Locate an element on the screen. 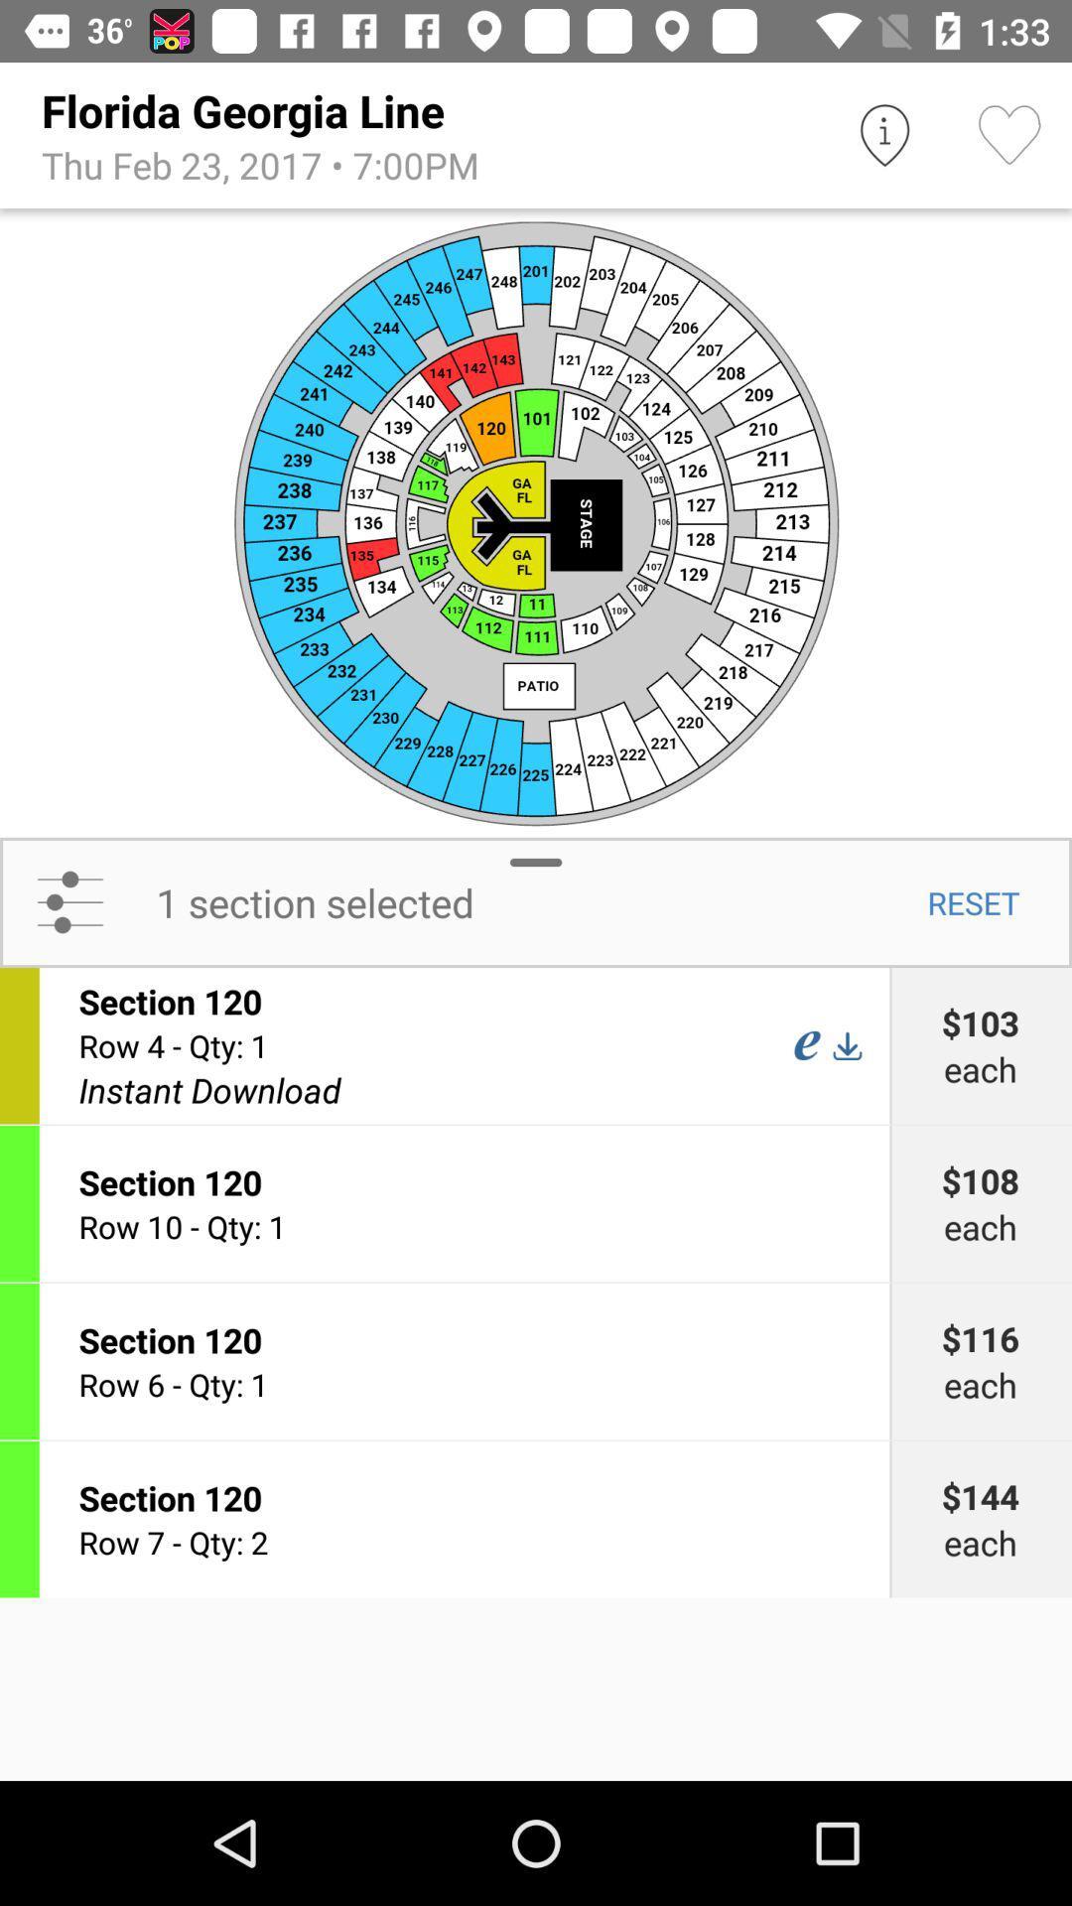 This screenshot has width=1072, height=1906. the icon to the right of 1 section selected is located at coordinates (972, 901).